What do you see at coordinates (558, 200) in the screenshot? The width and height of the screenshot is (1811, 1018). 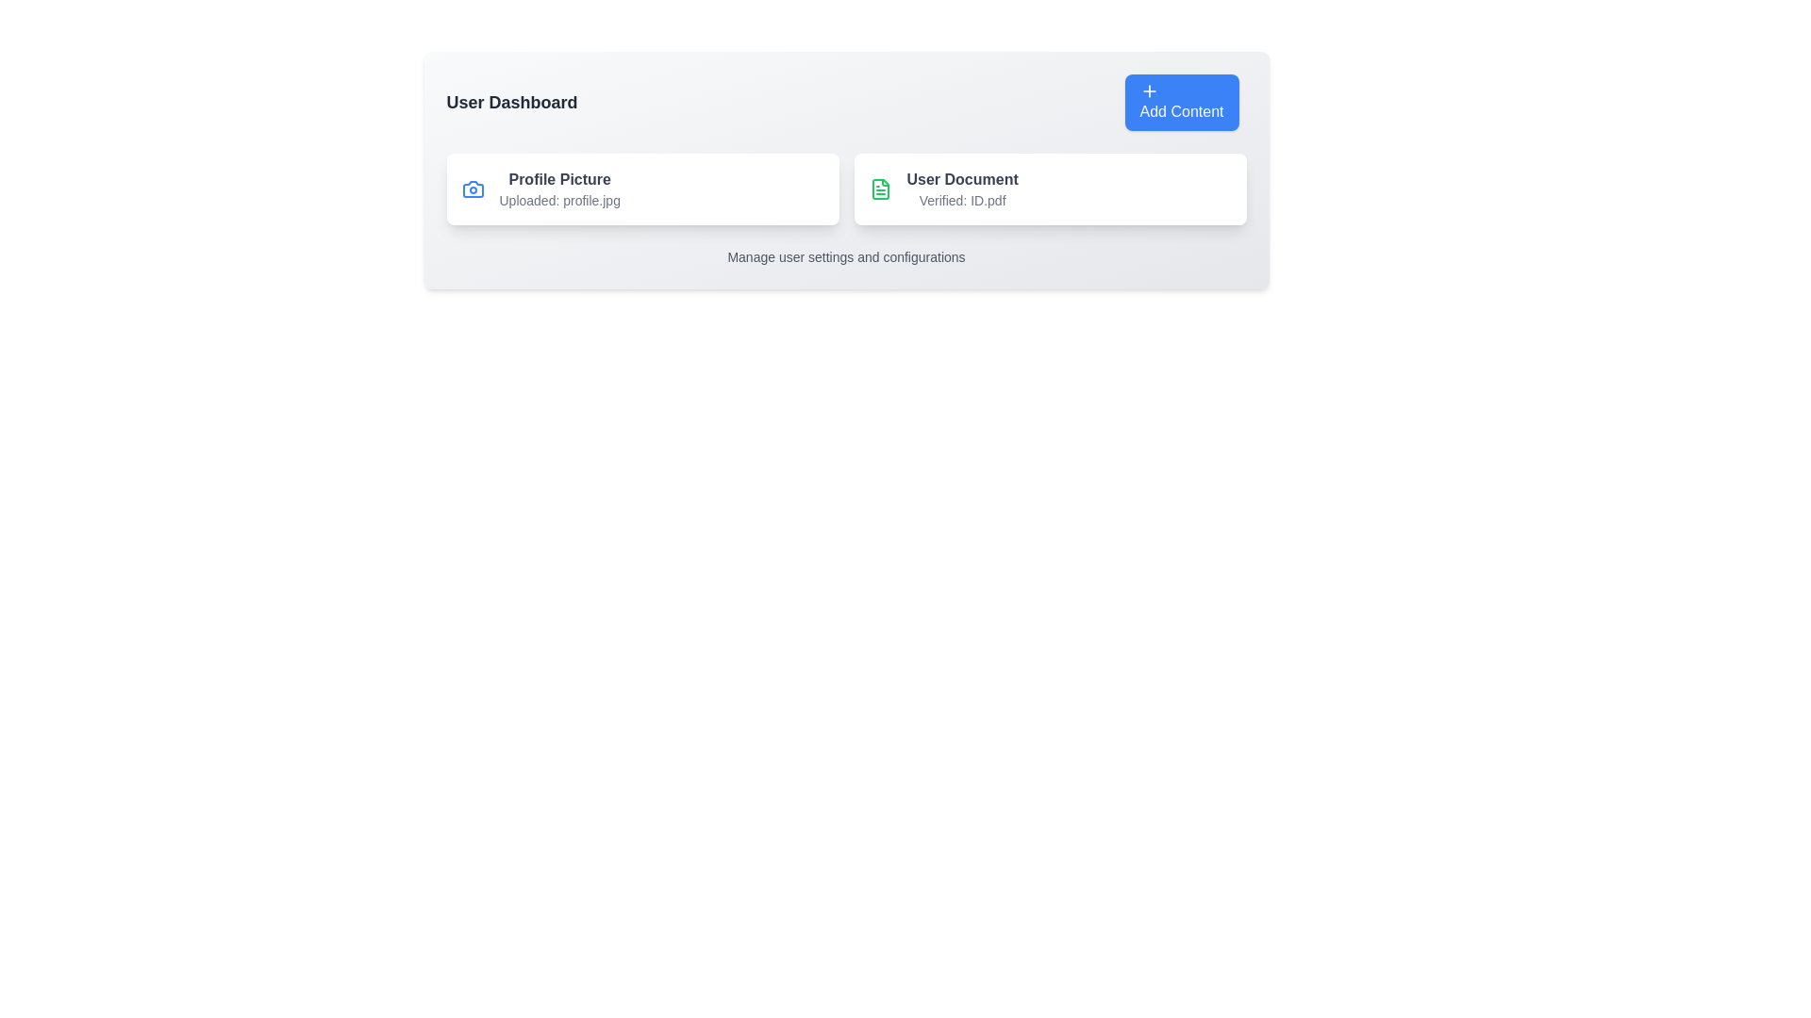 I see `the text label component that provides information about the uploaded profile picture file, located directly below the 'Profile Picture' title and adjacent to a camera icon` at bounding box center [558, 200].